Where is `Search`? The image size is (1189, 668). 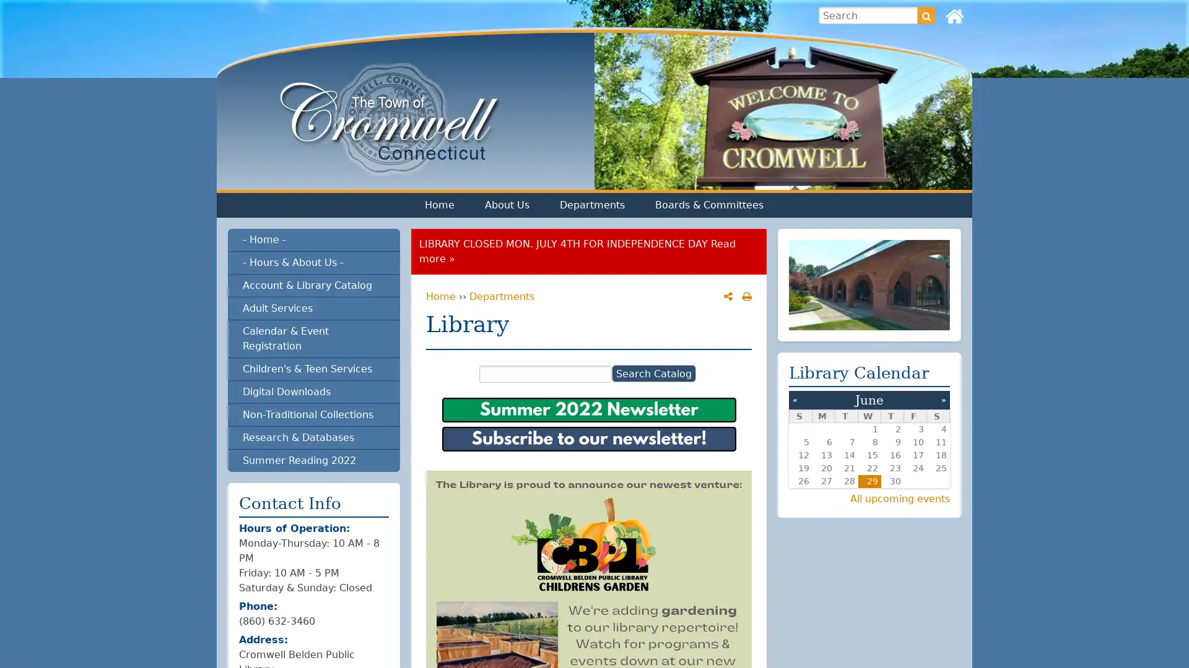
Search is located at coordinates (926, 15).